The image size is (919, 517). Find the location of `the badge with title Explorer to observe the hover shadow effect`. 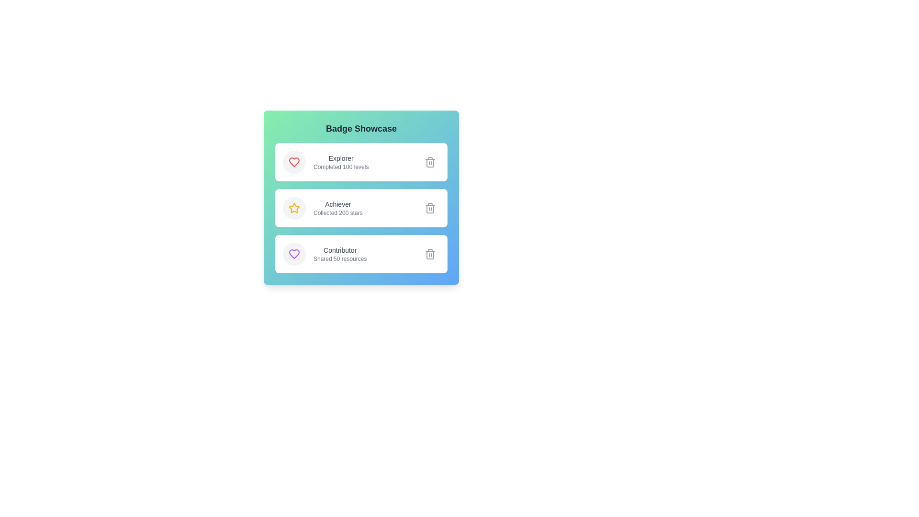

the badge with title Explorer to observe the hover shadow effect is located at coordinates (360, 162).